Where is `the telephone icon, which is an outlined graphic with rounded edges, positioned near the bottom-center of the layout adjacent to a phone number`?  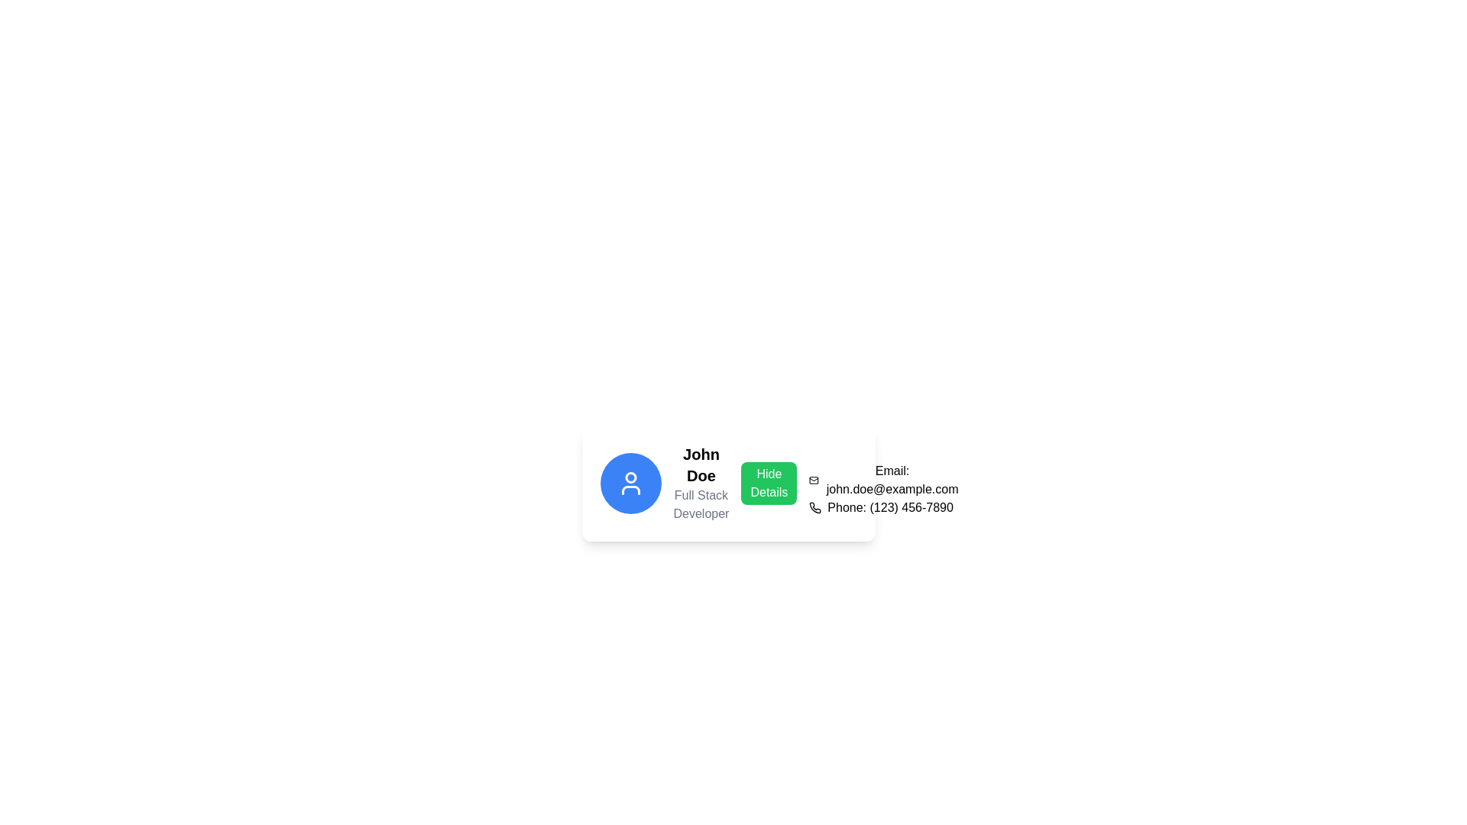
the telephone icon, which is an outlined graphic with rounded edges, positioned near the bottom-center of the layout adjacent to a phone number is located at coordinates (814, 507).